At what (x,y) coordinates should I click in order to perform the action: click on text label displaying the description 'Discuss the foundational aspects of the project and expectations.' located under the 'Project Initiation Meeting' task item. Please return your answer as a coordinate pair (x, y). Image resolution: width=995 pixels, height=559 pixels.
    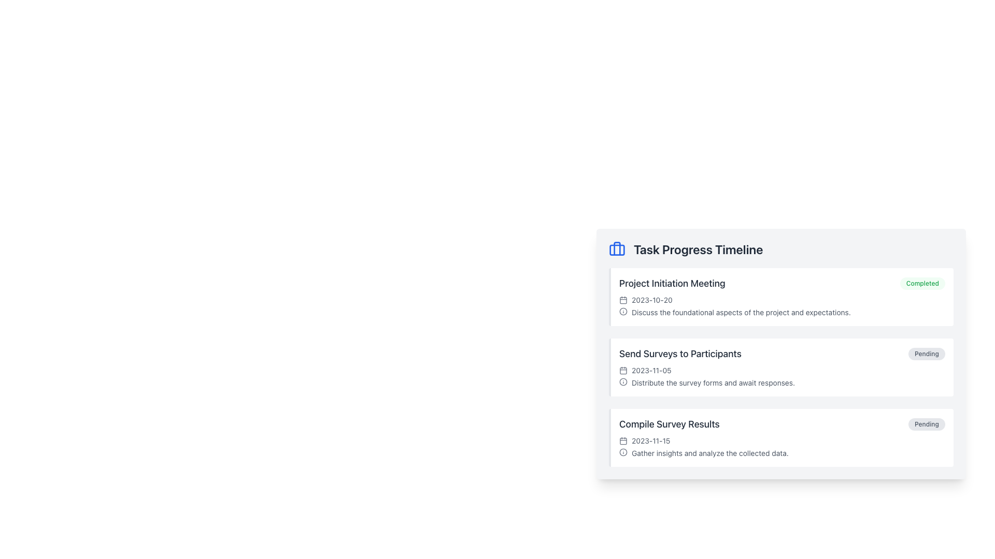
    Looking at the image, I should click on (741, 312).